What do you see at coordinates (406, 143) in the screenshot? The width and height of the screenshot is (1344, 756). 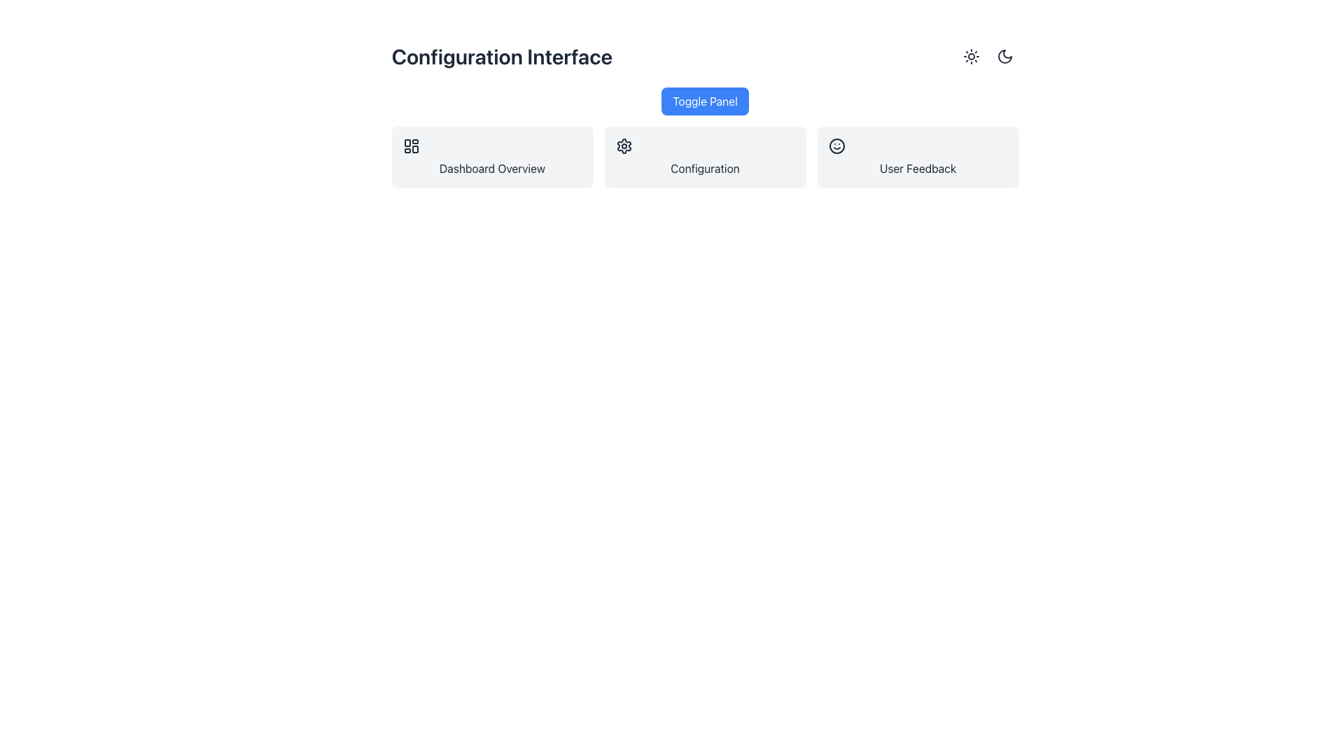 I see `the top-left rectangle of the grid within the dashboard icon, which is part of the 'Dashboard Overview' button` at bounding box center [406, 143].